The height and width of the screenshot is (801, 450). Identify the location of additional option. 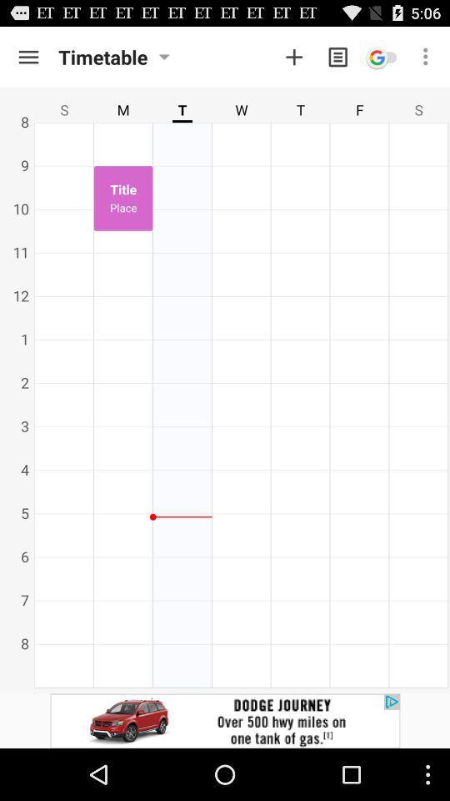
(293, 57).